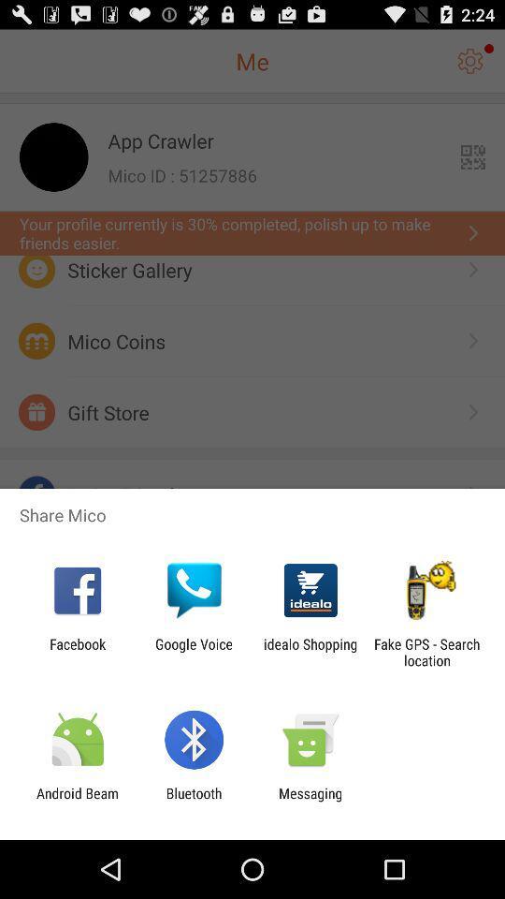 This screenshot has height=899, width=505. Describe the element at coordinates (426, 652) in the screenshot. I see `item at the bottom right corner` at that location.